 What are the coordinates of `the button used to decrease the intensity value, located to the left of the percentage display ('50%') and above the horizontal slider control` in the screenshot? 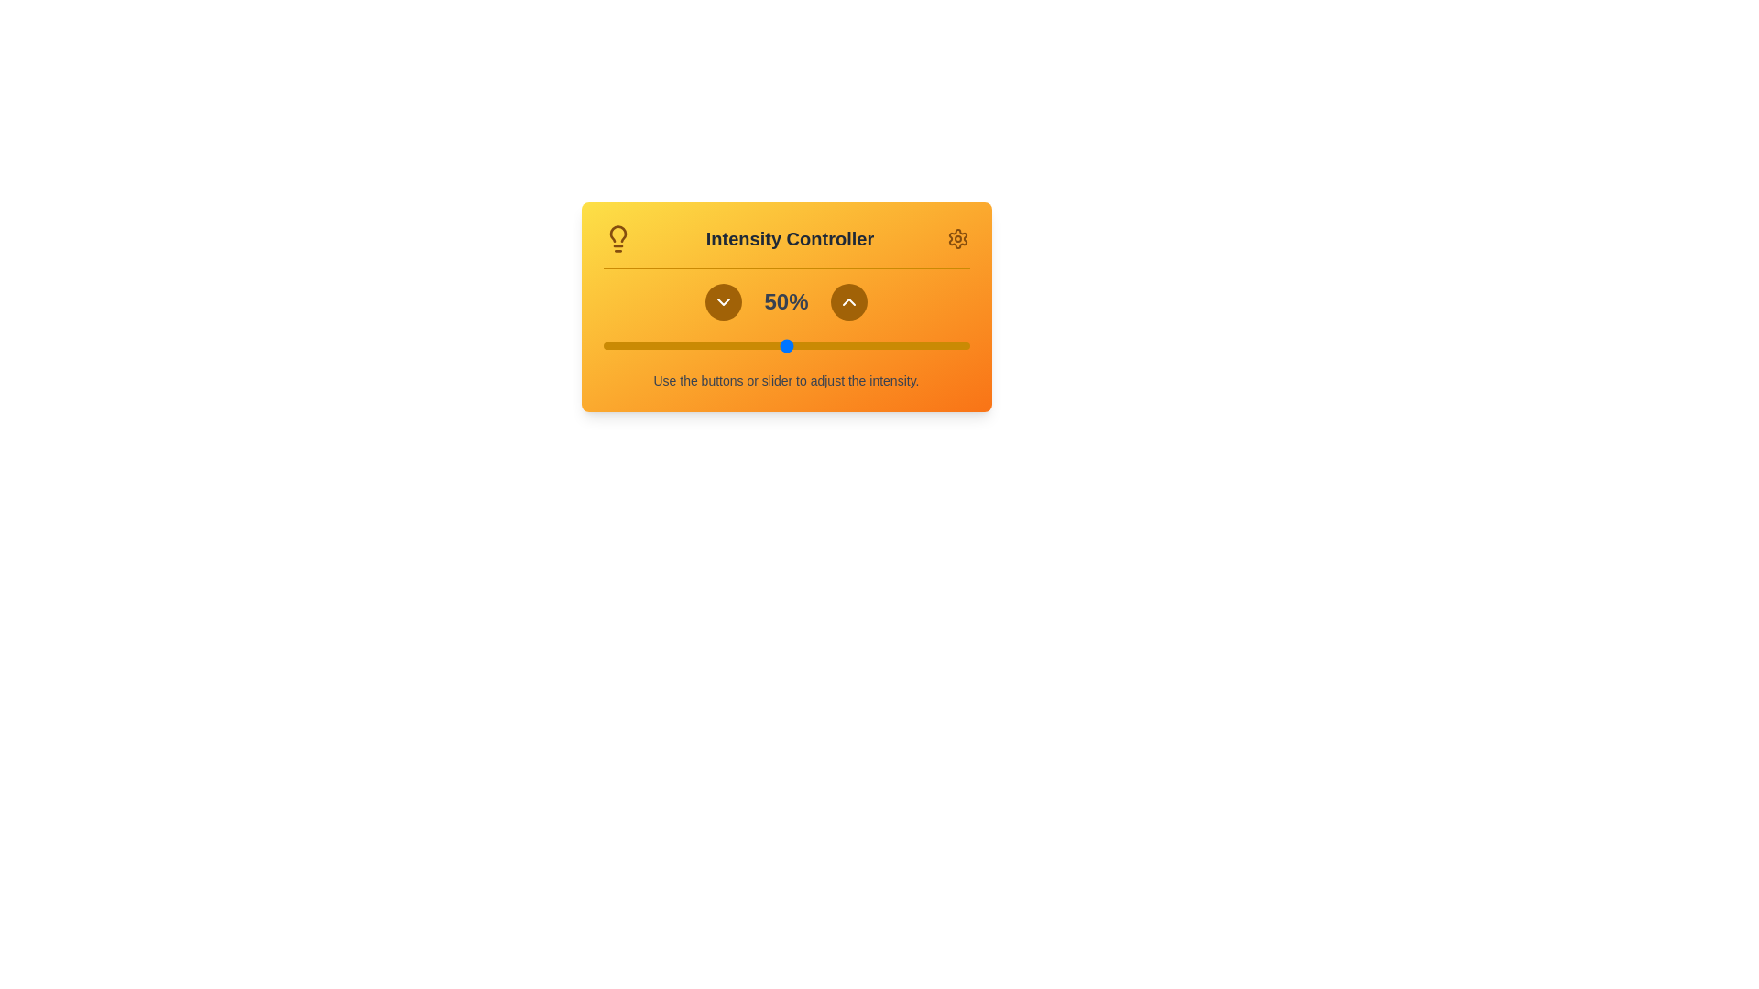 It's located at (723, 301).